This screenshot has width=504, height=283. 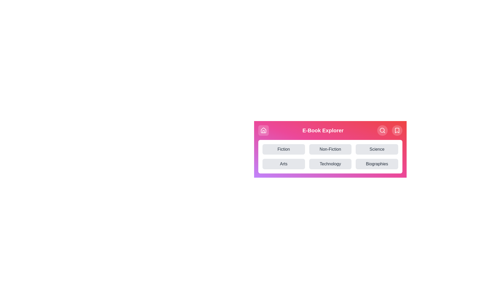 I want to click on the category button labeled Biographies, so click(x=376, y=164).